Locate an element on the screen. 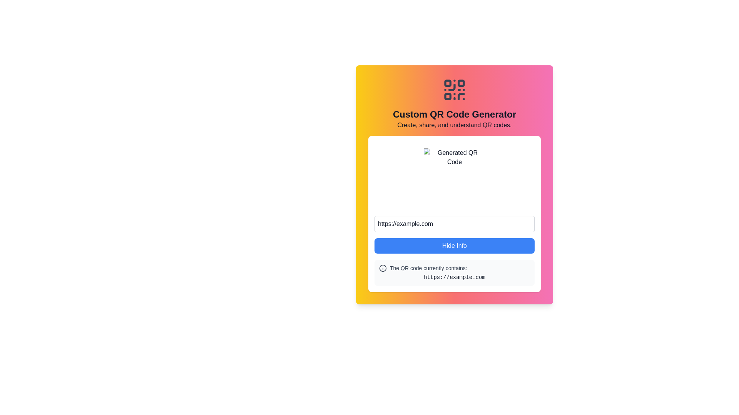 This screenshot has width=739, height=415. text from the informational Text Label located below the QR code, which provides context regarding the data represented in the QR code is located at coordinates (428, 268).